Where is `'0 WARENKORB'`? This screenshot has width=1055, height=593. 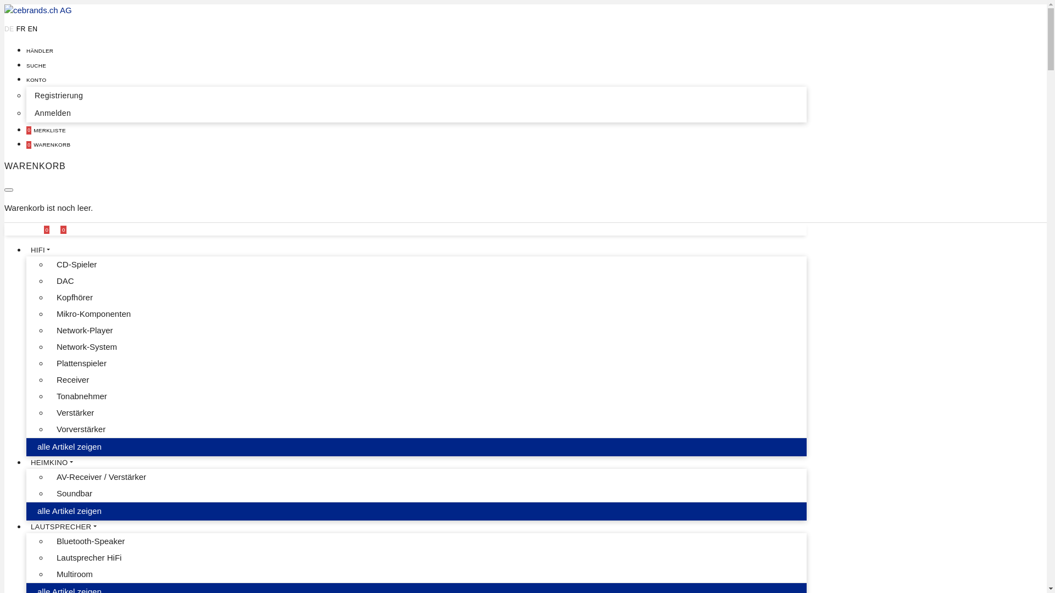
'0 WARENKORB' is located at coordinates (26, 143).